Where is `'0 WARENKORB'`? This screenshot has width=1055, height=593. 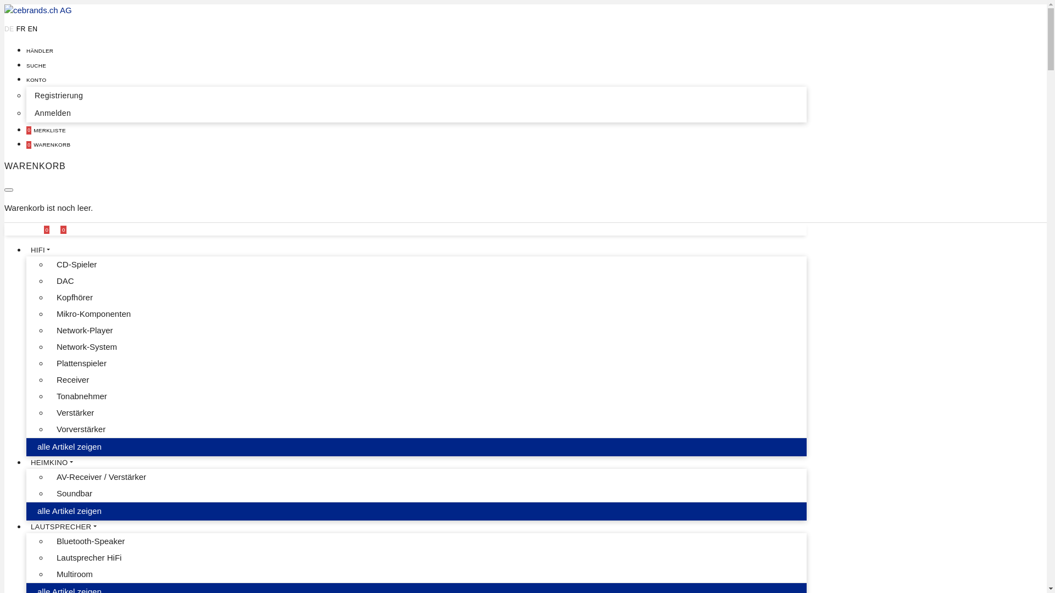
'0 WARENKORB' is located at coordinates (26, 143).